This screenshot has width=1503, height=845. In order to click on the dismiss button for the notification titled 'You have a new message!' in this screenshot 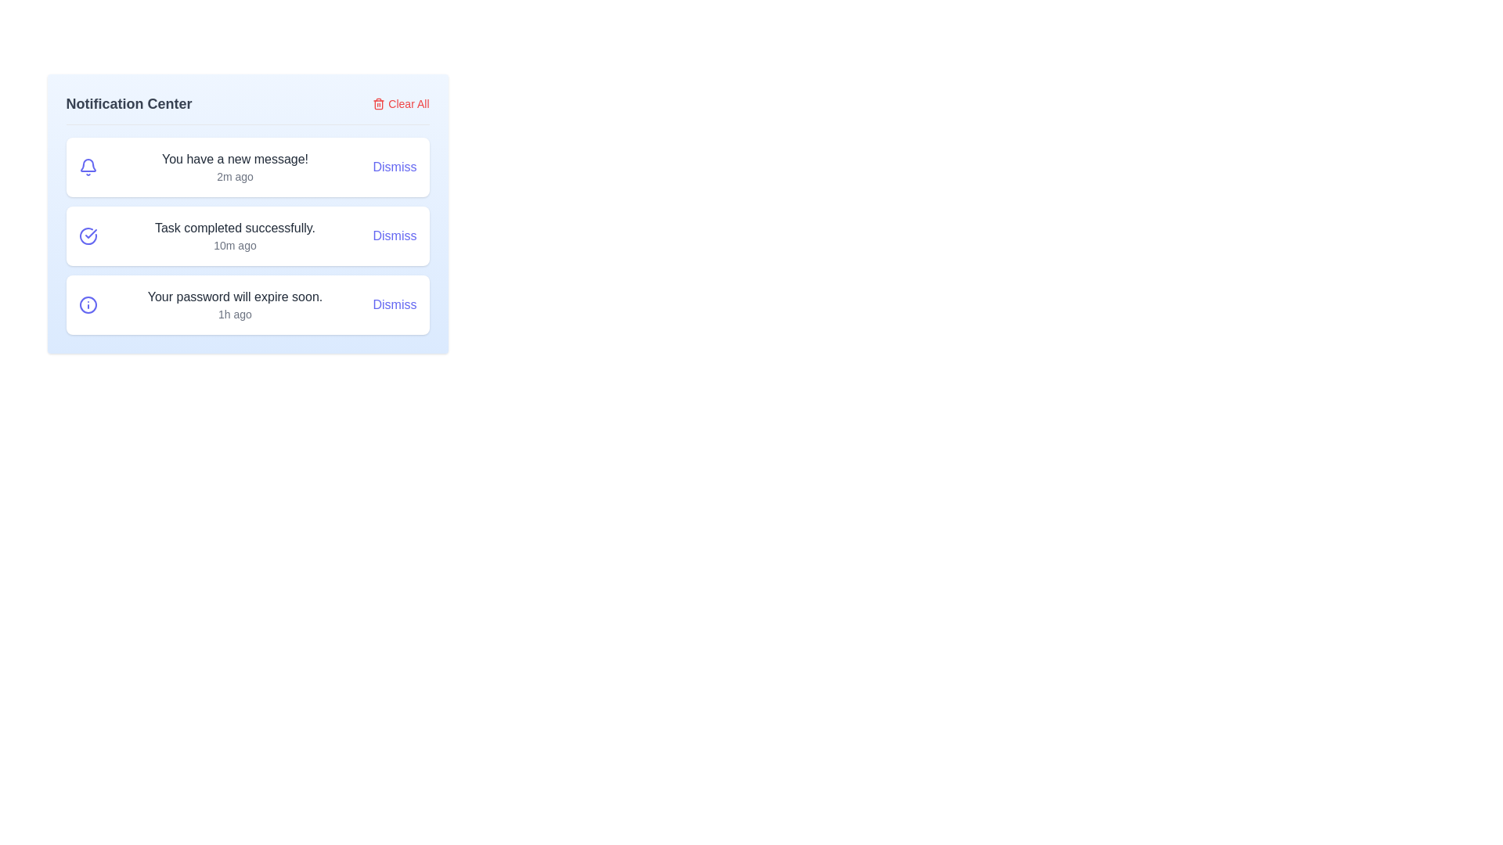, I will do `click(395, 167)`.